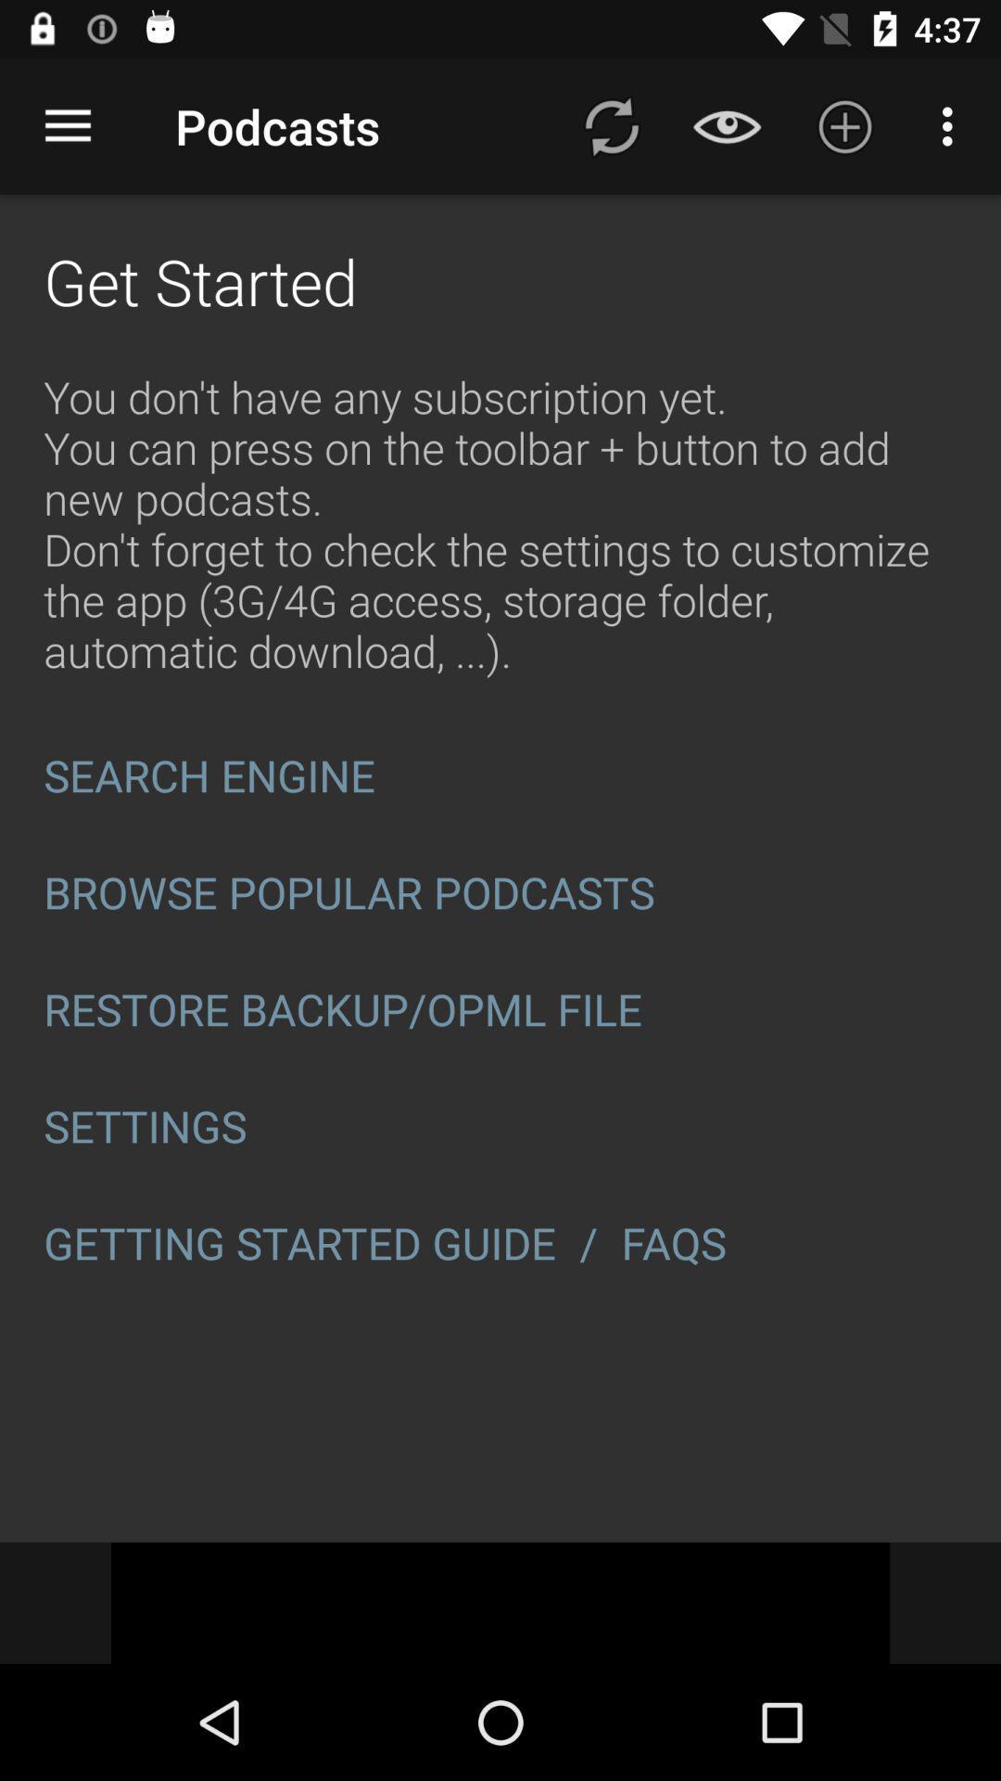 Image resolution: width=1001 pixels, height=1781 pixels. I want to click on the icon above the get started icon, so click(67, 125).